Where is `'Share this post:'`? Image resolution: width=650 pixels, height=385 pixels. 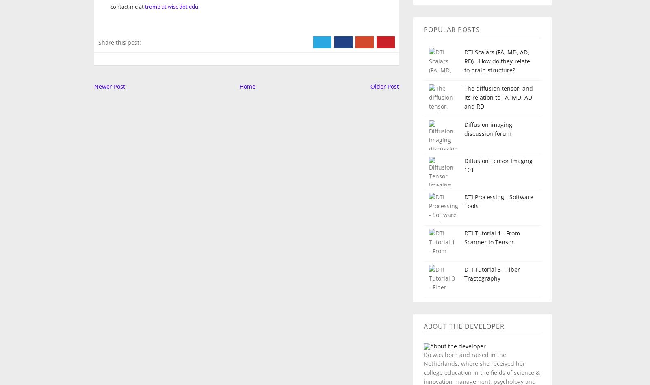
'Share this post:' is located at coordinates (119, 41).